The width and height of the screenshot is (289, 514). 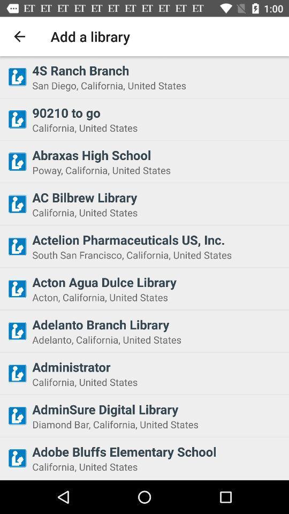 What do you see at coordinates (157, 196) in the screenshot?
I see `the icon above the california, united states icon` at bounding box center [157, 196].